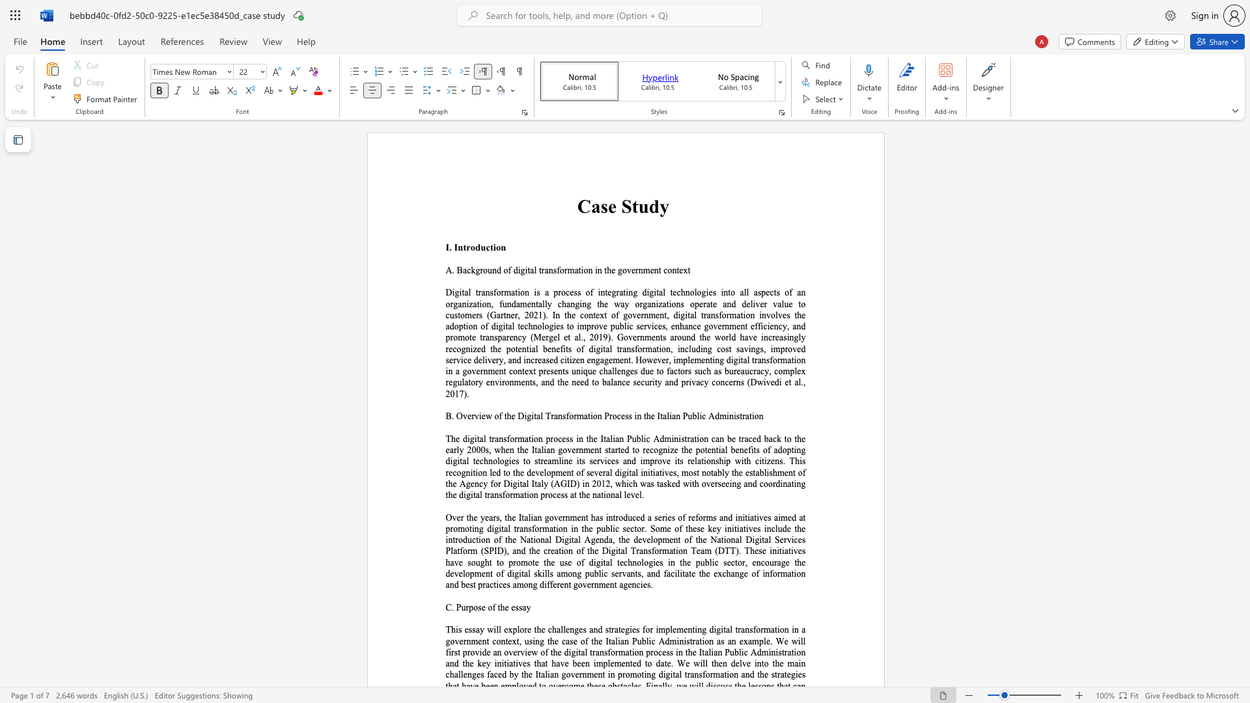  What do you see at coordinates (458, 247) in the screenshot?
I see `the subset text "nt" within the text "I. Introduction"` at bounding box center [458, 247].